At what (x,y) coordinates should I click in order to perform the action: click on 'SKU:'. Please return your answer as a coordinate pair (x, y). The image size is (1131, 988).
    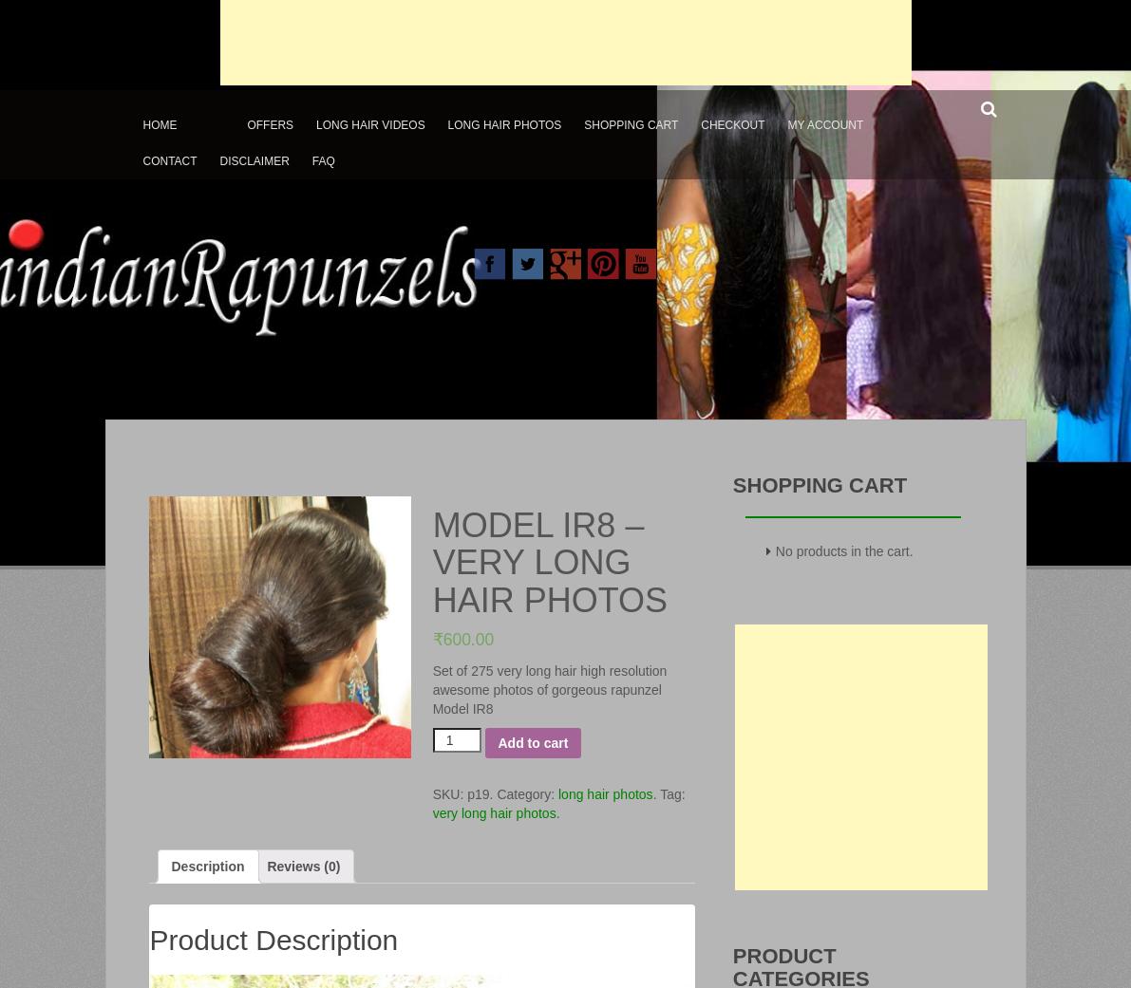
    Looking at the image, I should click on (449, 792).